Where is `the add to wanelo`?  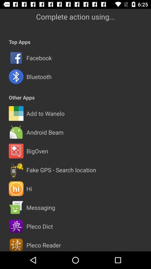 the add to wanelo is located at coordinates (45, 113).